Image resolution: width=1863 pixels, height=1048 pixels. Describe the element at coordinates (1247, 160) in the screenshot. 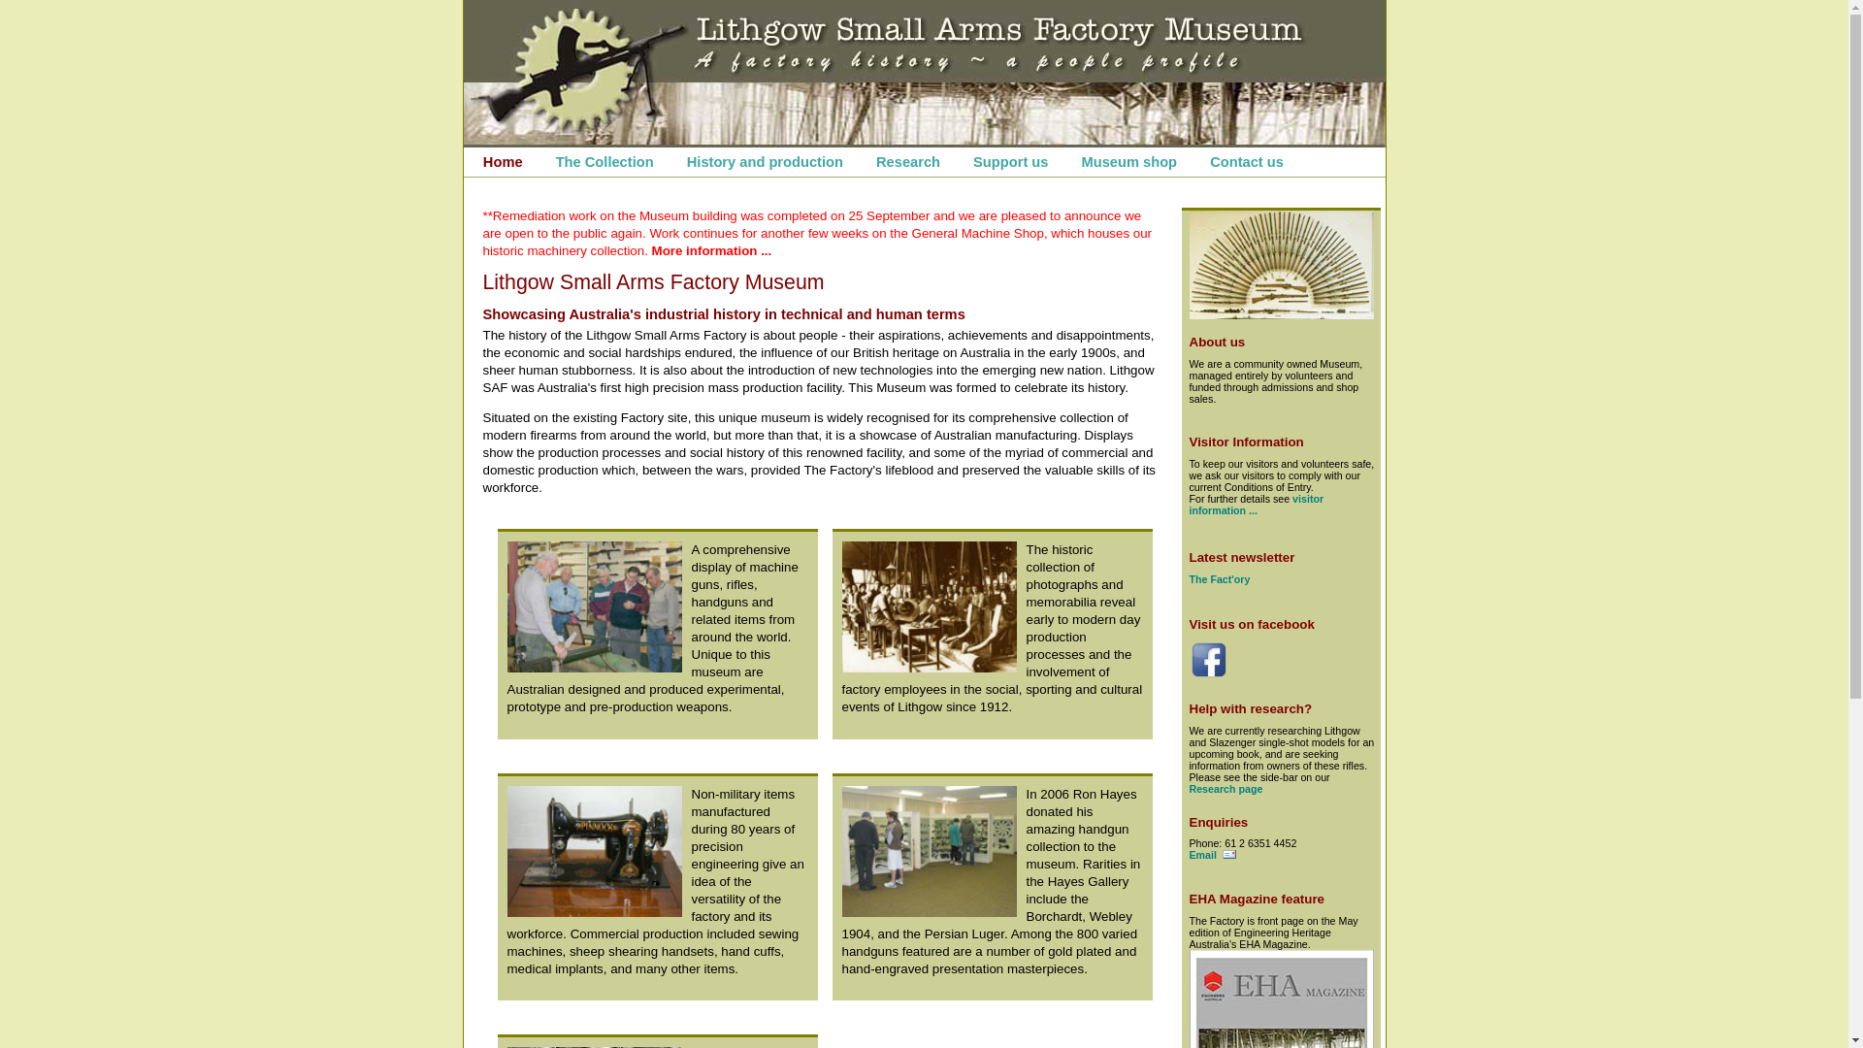

I see `'Contact us'` at that location.